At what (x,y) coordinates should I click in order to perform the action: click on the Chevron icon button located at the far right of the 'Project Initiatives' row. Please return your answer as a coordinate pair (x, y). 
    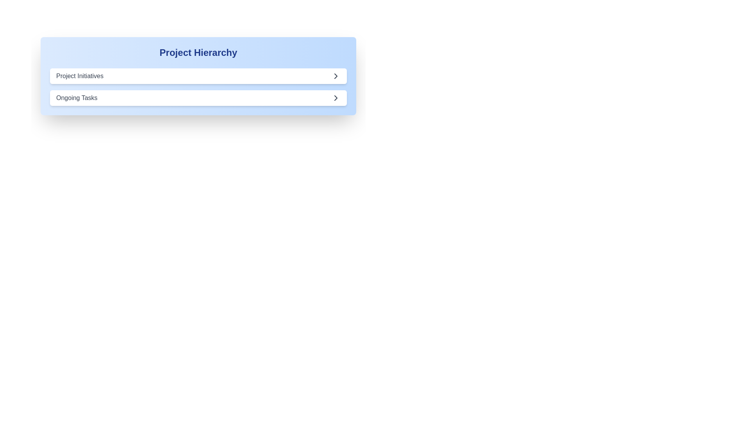
    Looking at the image, I should click on (336, 76).